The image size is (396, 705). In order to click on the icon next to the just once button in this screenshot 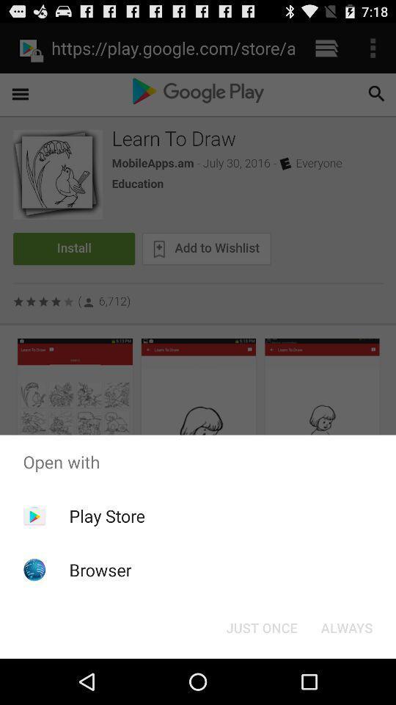, I will do `click(346, 626)`.